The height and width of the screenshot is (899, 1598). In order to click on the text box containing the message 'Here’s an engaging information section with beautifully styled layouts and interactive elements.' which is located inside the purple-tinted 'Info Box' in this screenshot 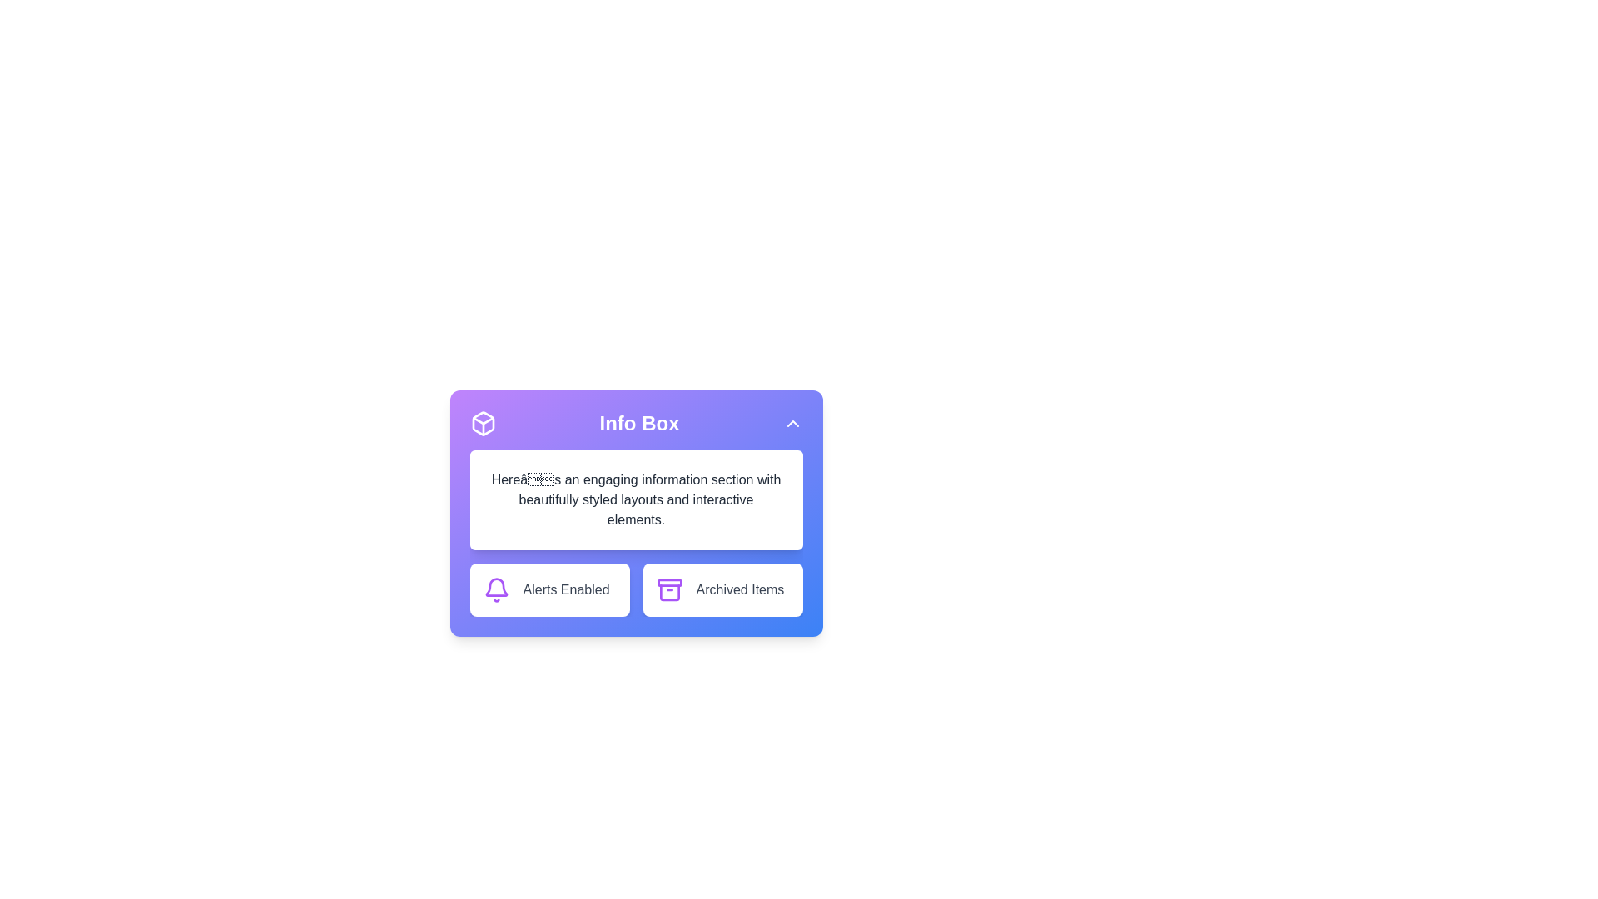, I will do `click(635, 499)`.